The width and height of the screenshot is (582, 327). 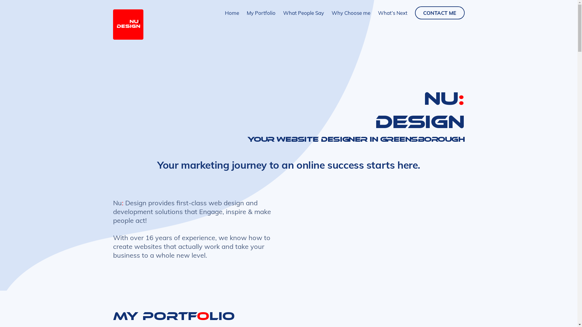 I want to click on 'CONTACT ME', so click(x=440, y=13).